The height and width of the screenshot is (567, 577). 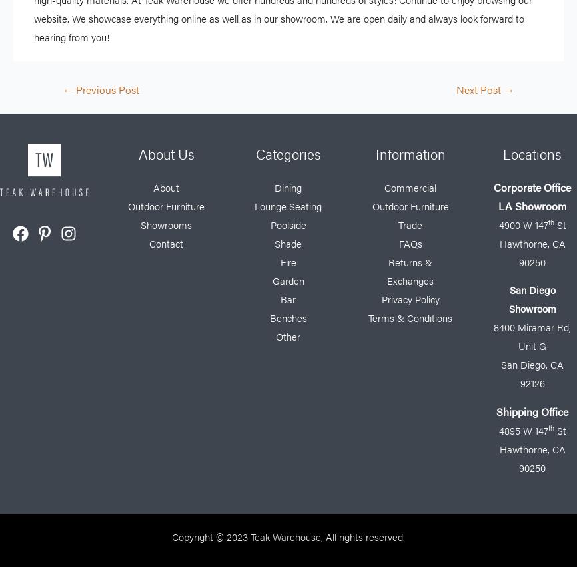 I want to click on 'Fire', so click(x=287, y=262).